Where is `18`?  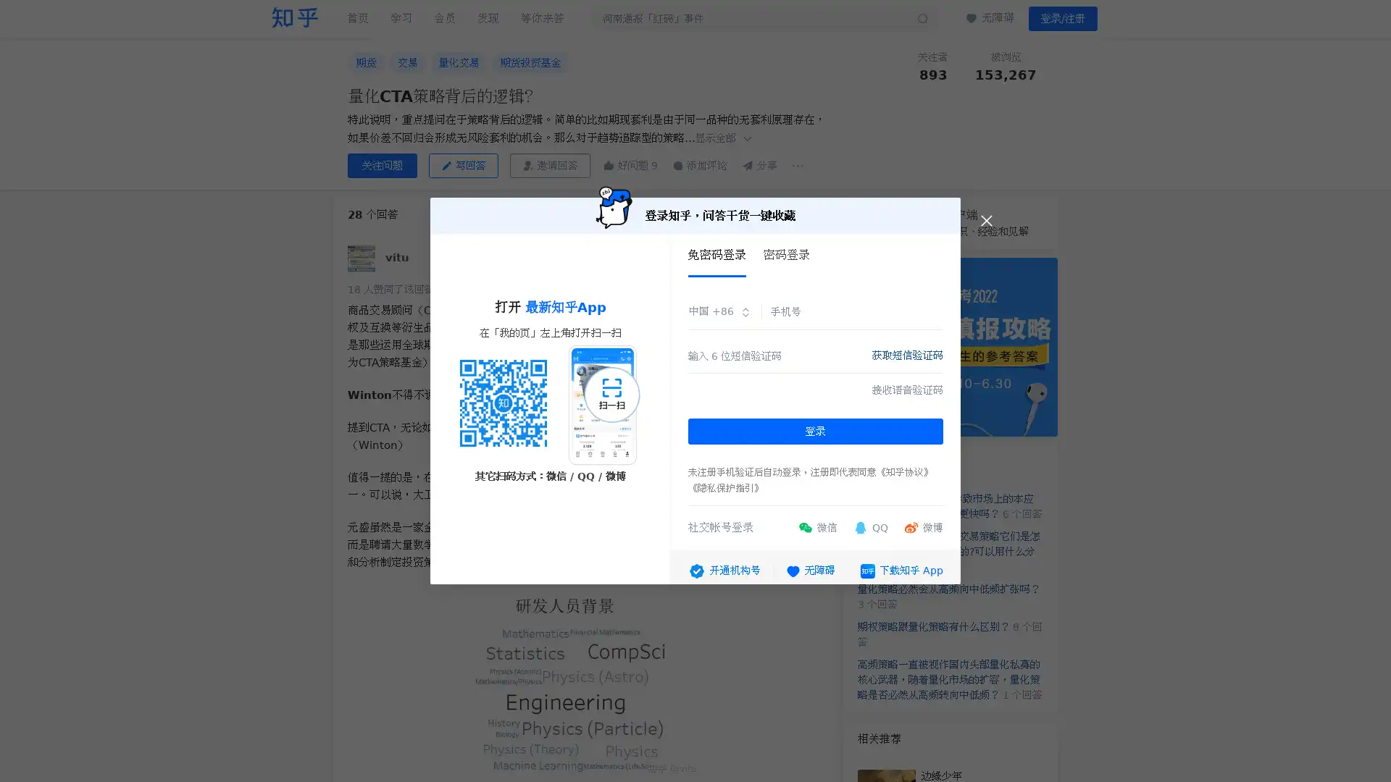 18 is located at coordinates (390, 290).